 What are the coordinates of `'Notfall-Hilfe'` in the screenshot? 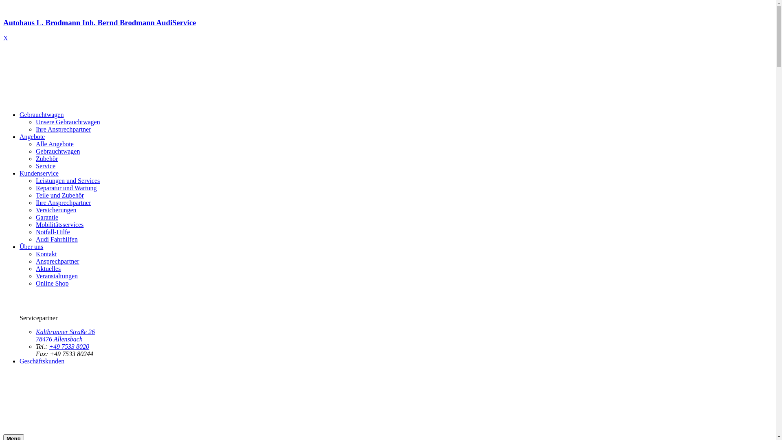 It's located at (35, 232).